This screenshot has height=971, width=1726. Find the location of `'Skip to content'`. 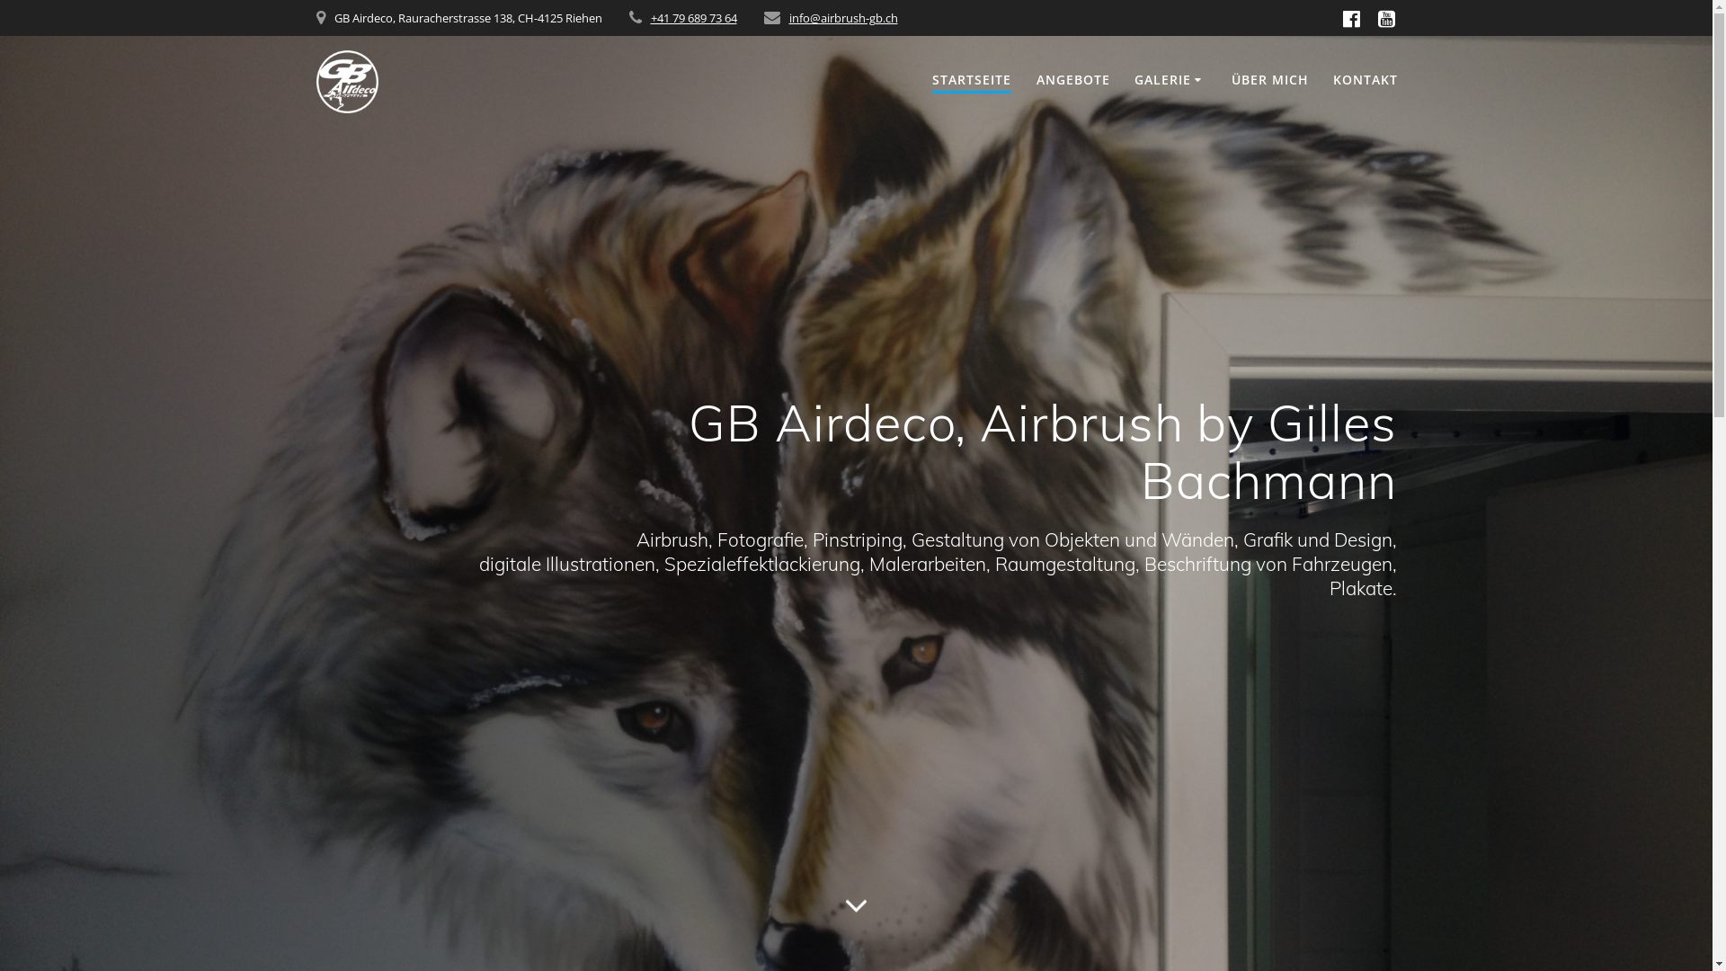

'Skip to content' is located at coordinates (0, 0).